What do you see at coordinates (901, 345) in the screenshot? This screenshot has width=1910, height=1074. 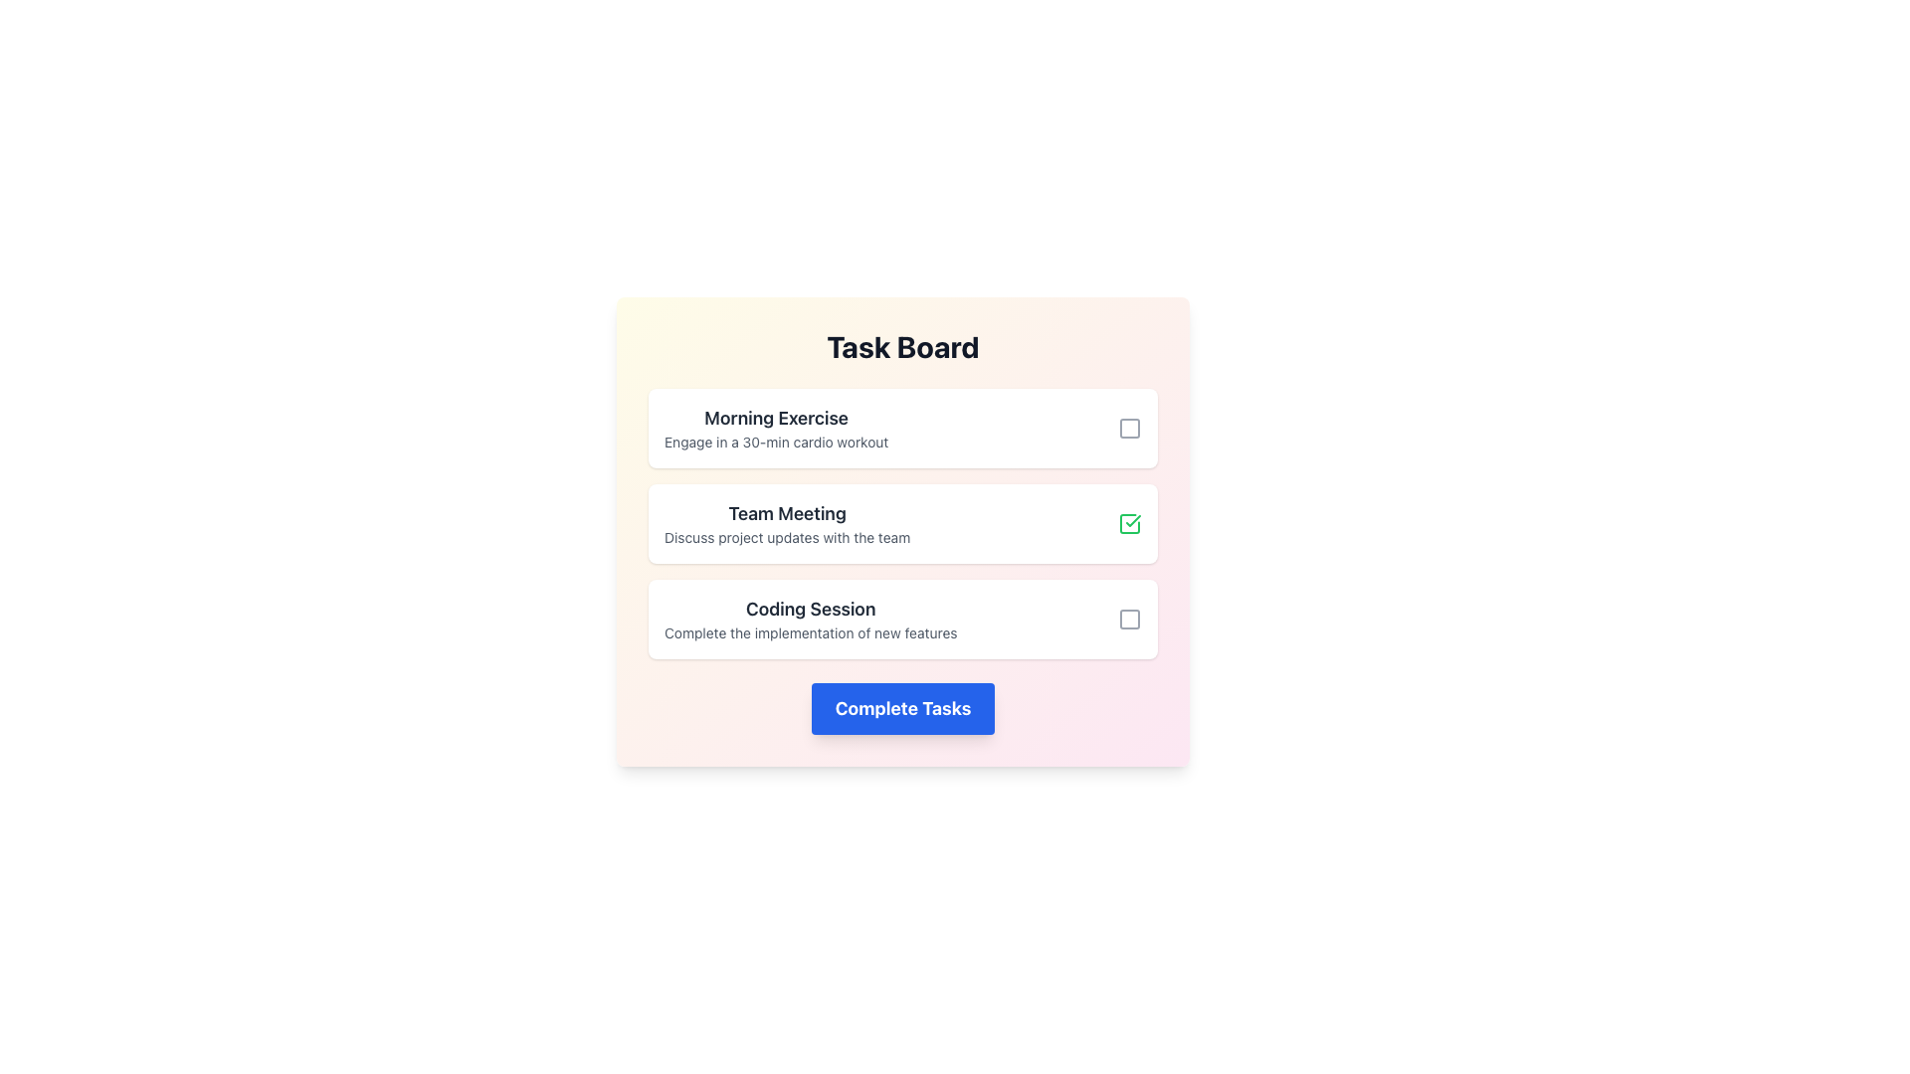 I see `the bold, large-sized heading text label 'Task Board'` at bounding box center [901, 345].